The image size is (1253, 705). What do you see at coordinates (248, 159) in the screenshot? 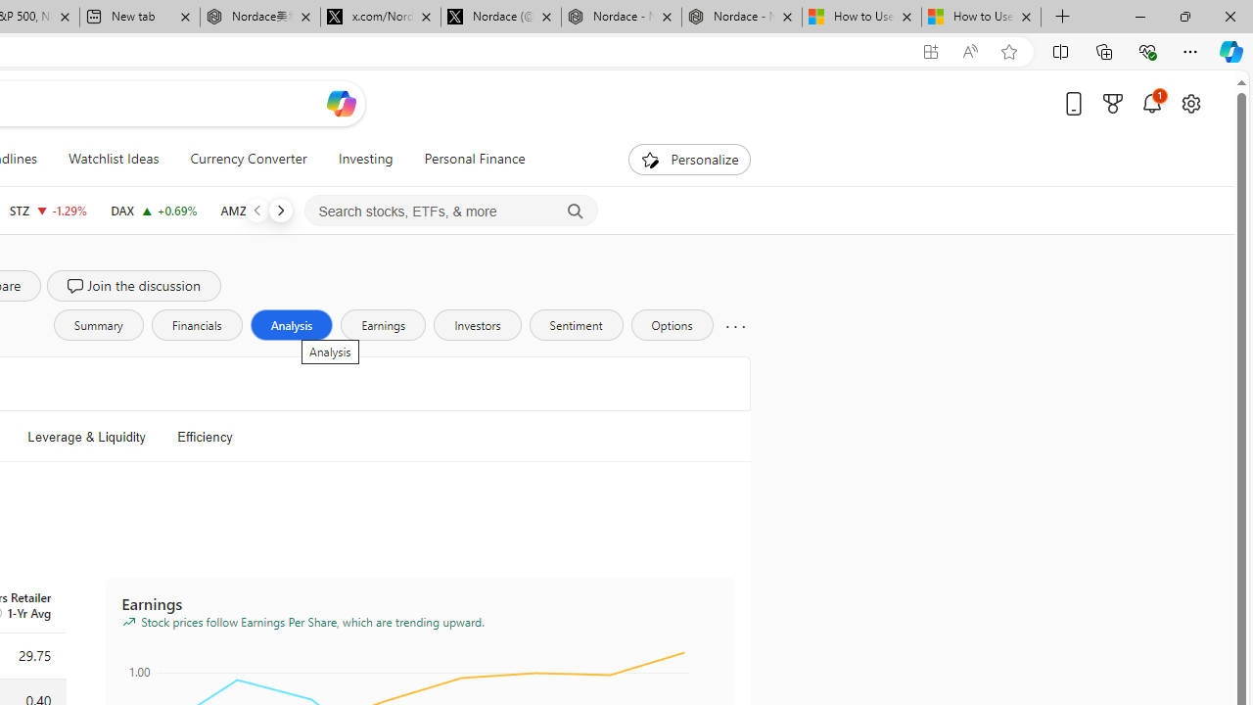
I see `'Currency Converter'` at bounding box center [248, 159].